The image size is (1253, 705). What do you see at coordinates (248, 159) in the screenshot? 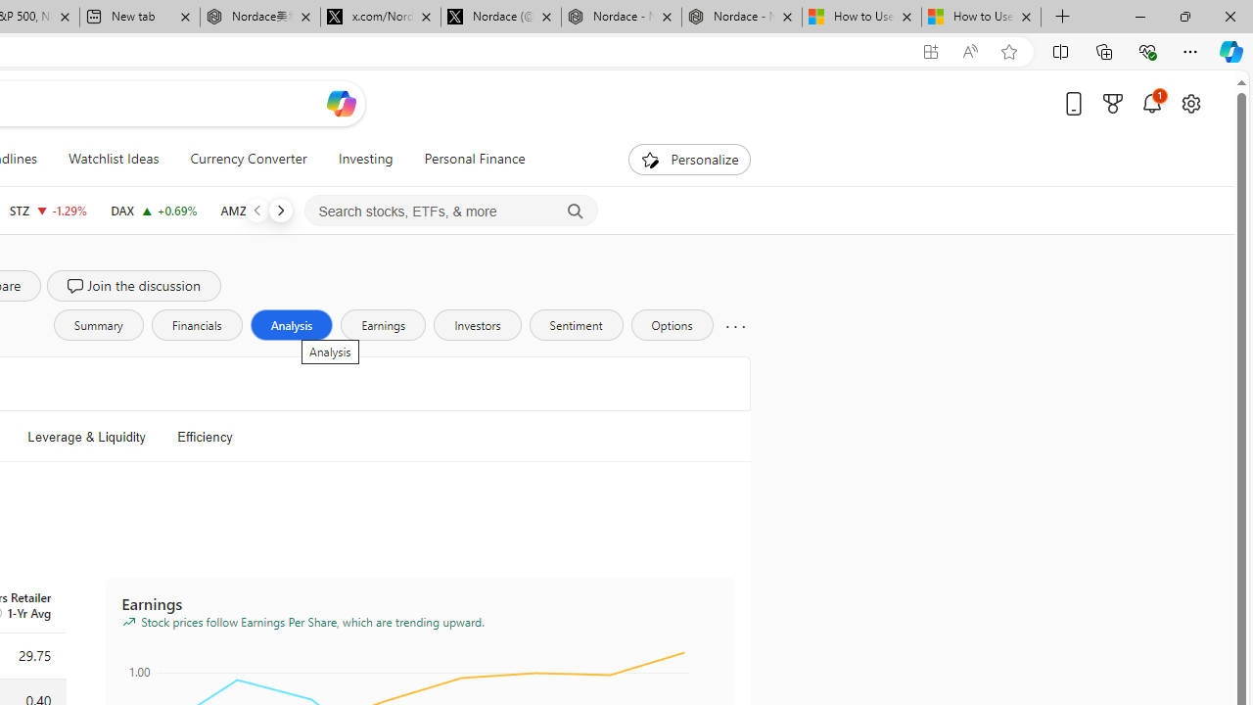
I see `'Currency Converter'` at bounding box center [248, 159].